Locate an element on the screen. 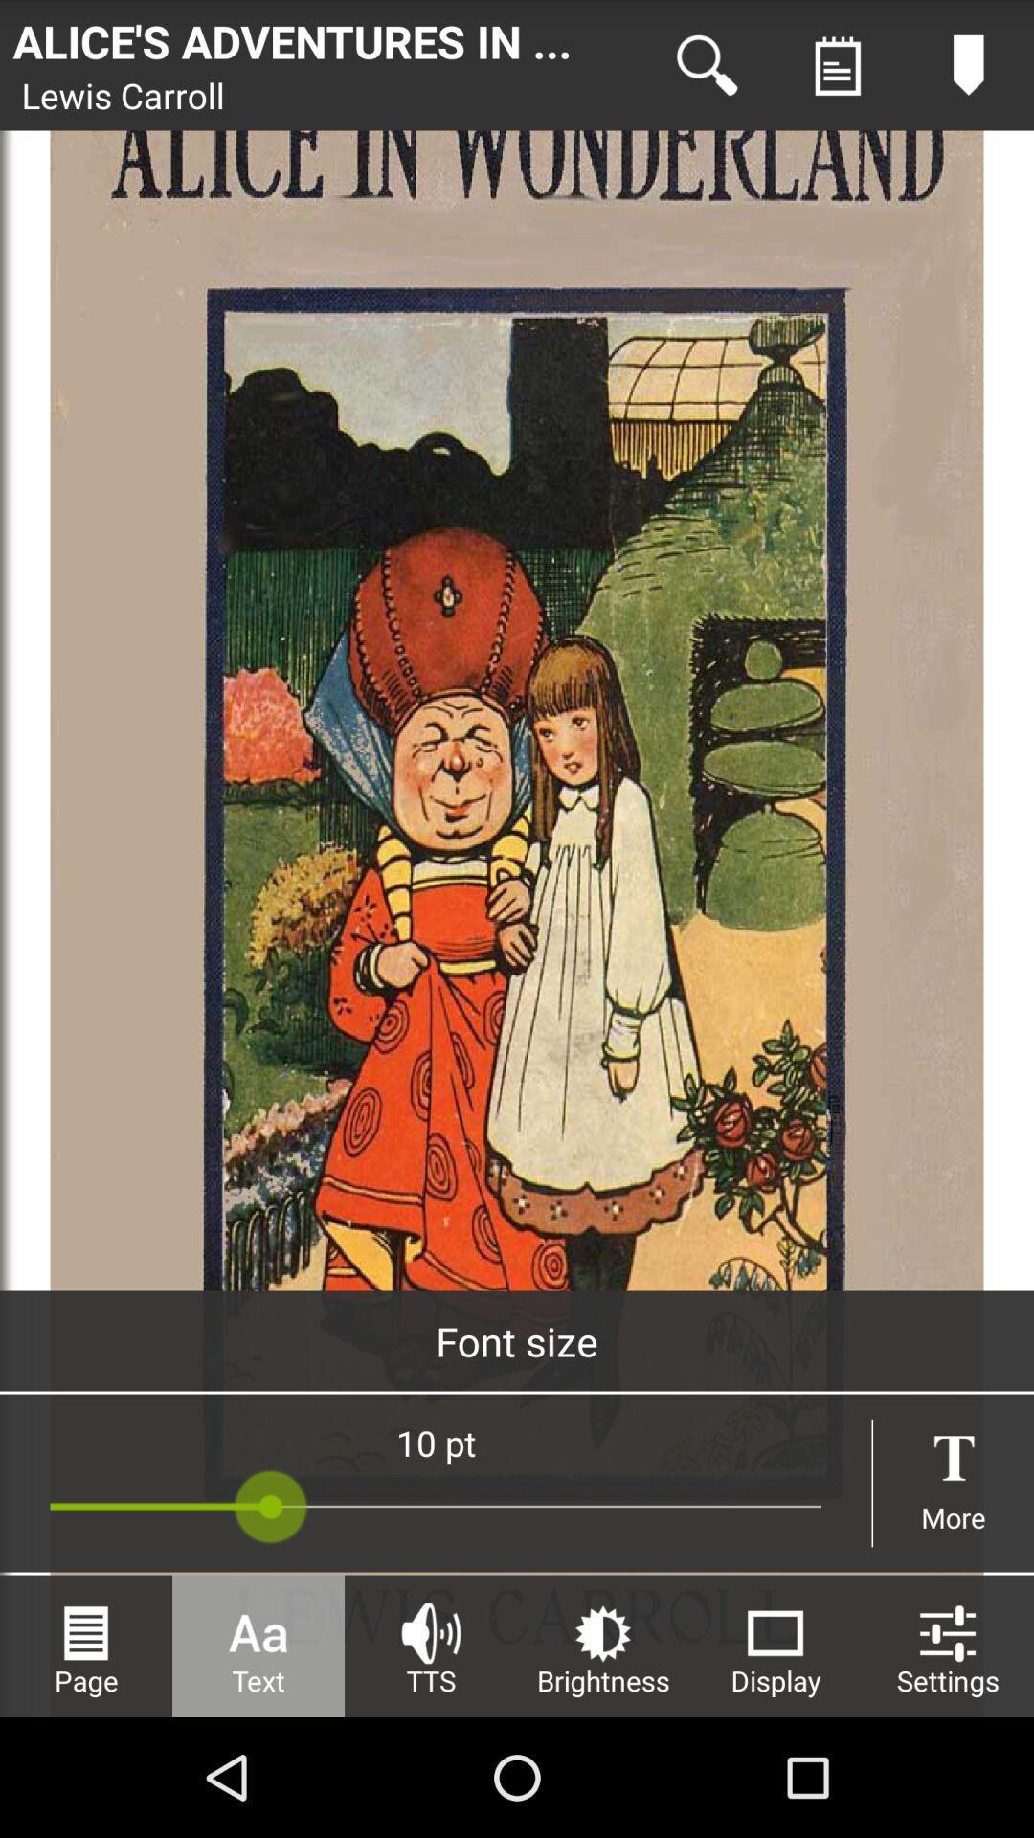 Image resolution: width=1034 pixels, height=1838 pixels. the description icon is located at coordinates (837, 69).